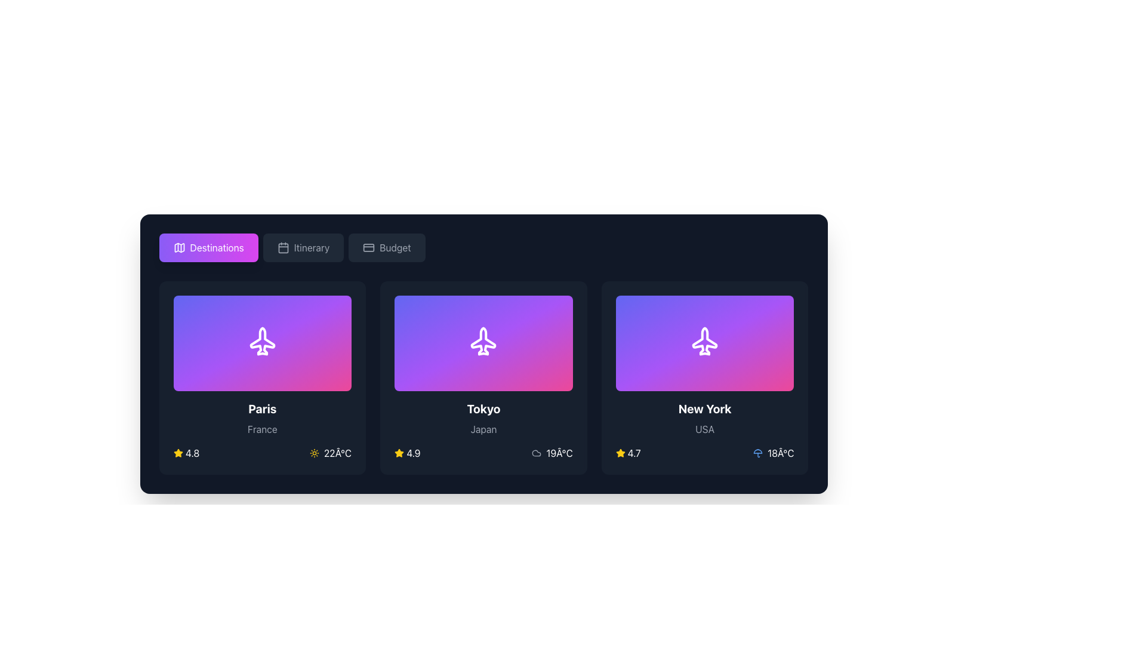 The image size is (1146, 645). Describe the element at coordinates (483, 343) in the screenshot. I see `the card containing the white airplane icon, which is tilted at 45 degrees` at that location.